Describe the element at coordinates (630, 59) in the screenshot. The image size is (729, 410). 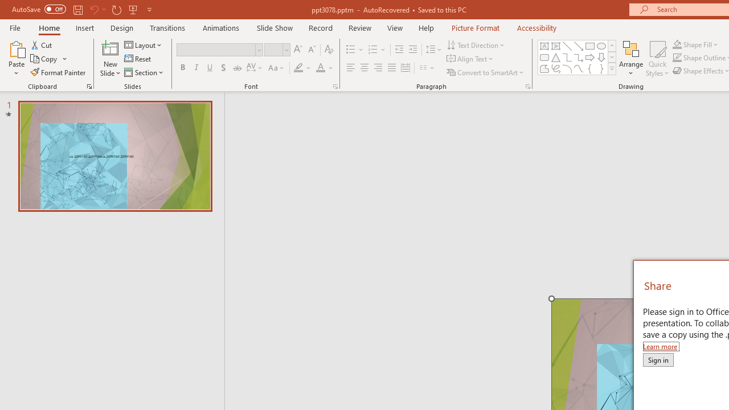
I see `'Arrange'` at that location.